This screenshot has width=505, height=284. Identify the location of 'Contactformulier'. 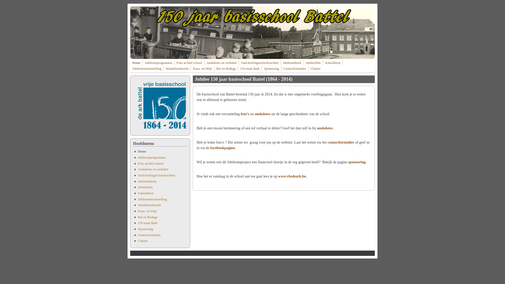
(149, 235).